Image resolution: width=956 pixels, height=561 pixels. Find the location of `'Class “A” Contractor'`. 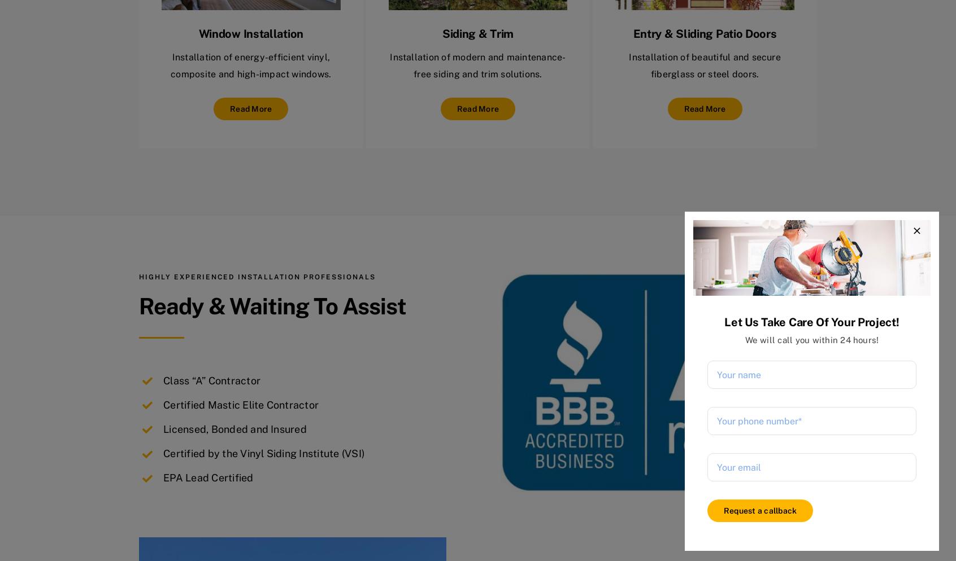

'Class “A” Contractor' is located at coordinates (211, 380).